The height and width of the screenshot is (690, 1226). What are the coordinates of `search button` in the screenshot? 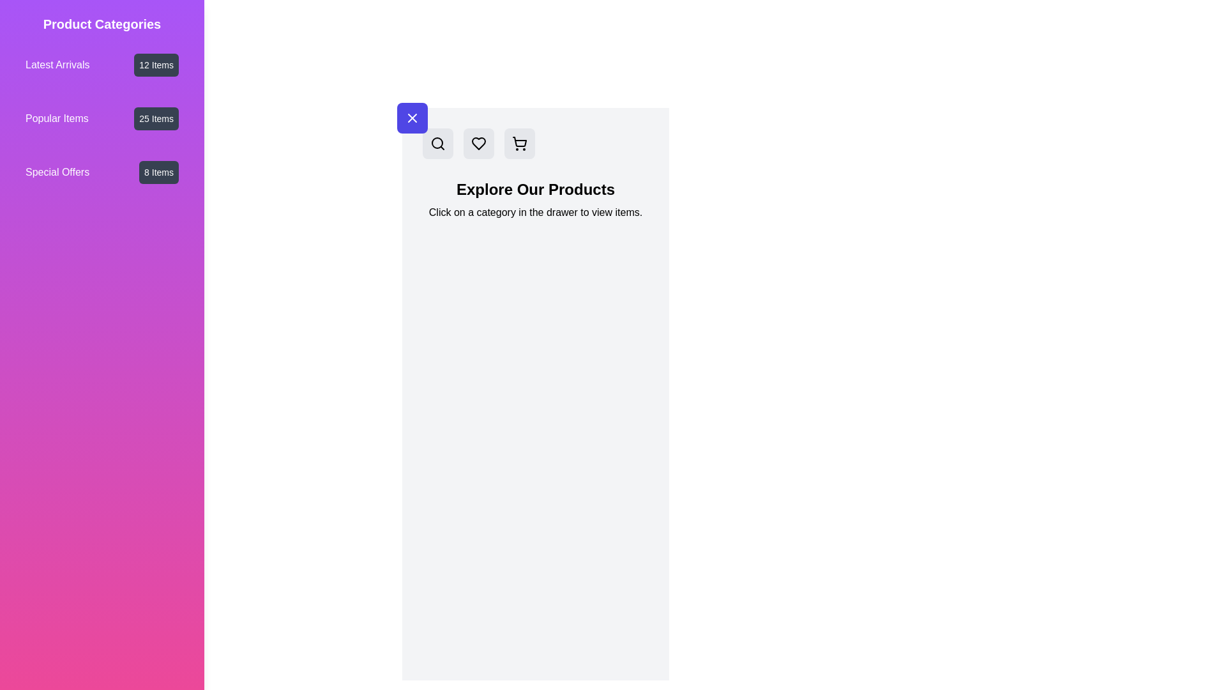 It's located at (438, 143).